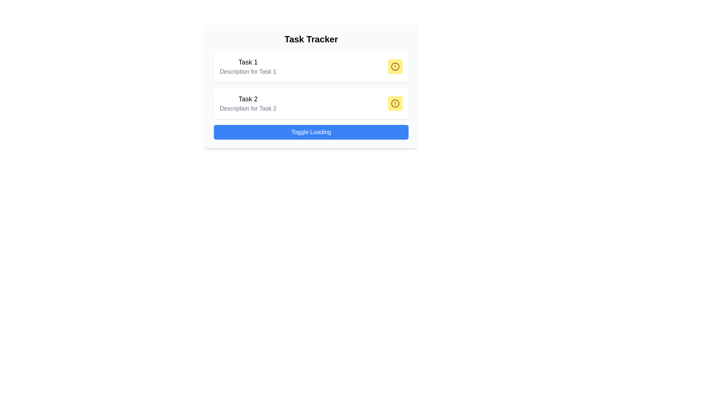  What do you see at coordinates (311, 104) in the screenshot?
I see `the task entry card that is the second in a vertical list of tasks, positioned below 'Task 1' and above the 'Toggle Loading' button` at bounding box center [311, 104].